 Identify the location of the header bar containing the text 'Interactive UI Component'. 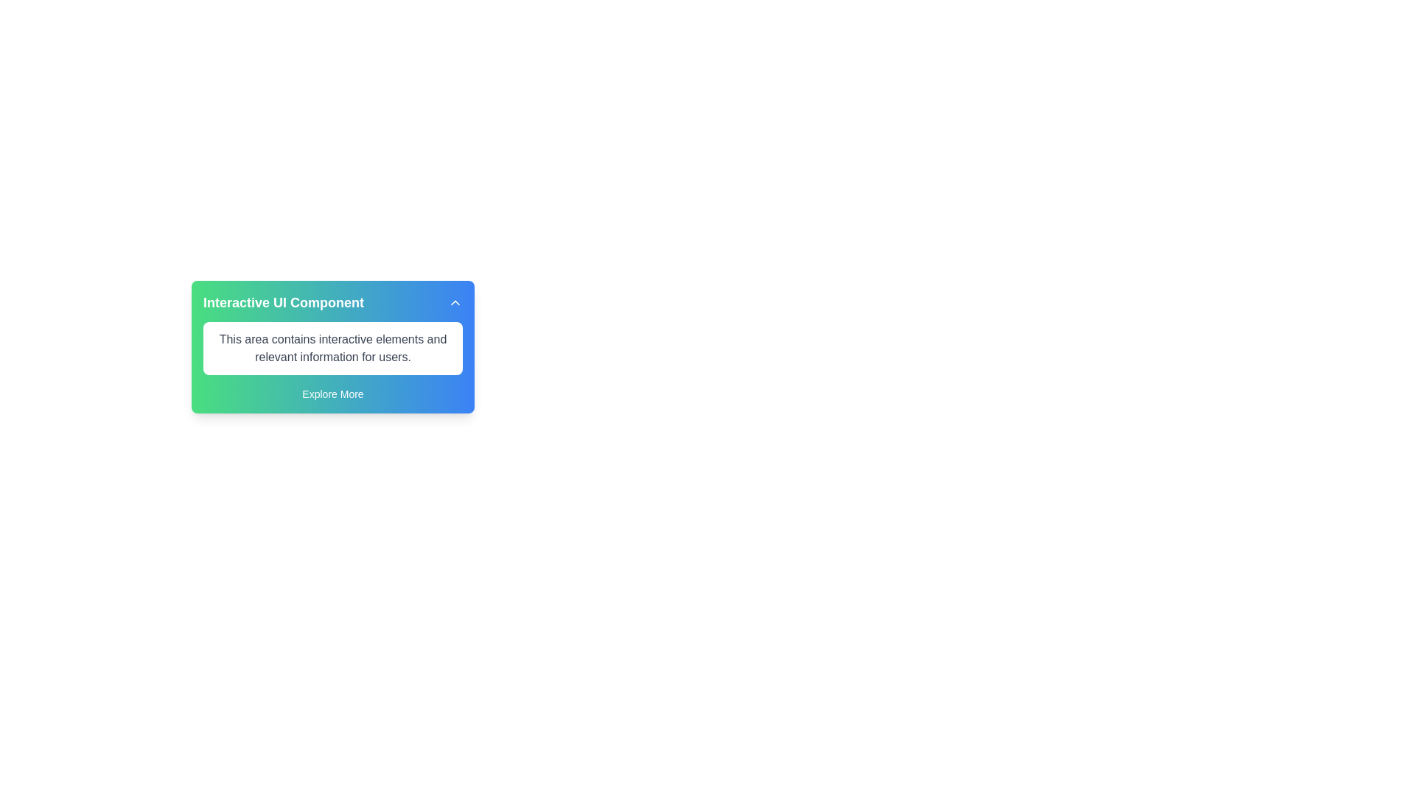
(332, 302).